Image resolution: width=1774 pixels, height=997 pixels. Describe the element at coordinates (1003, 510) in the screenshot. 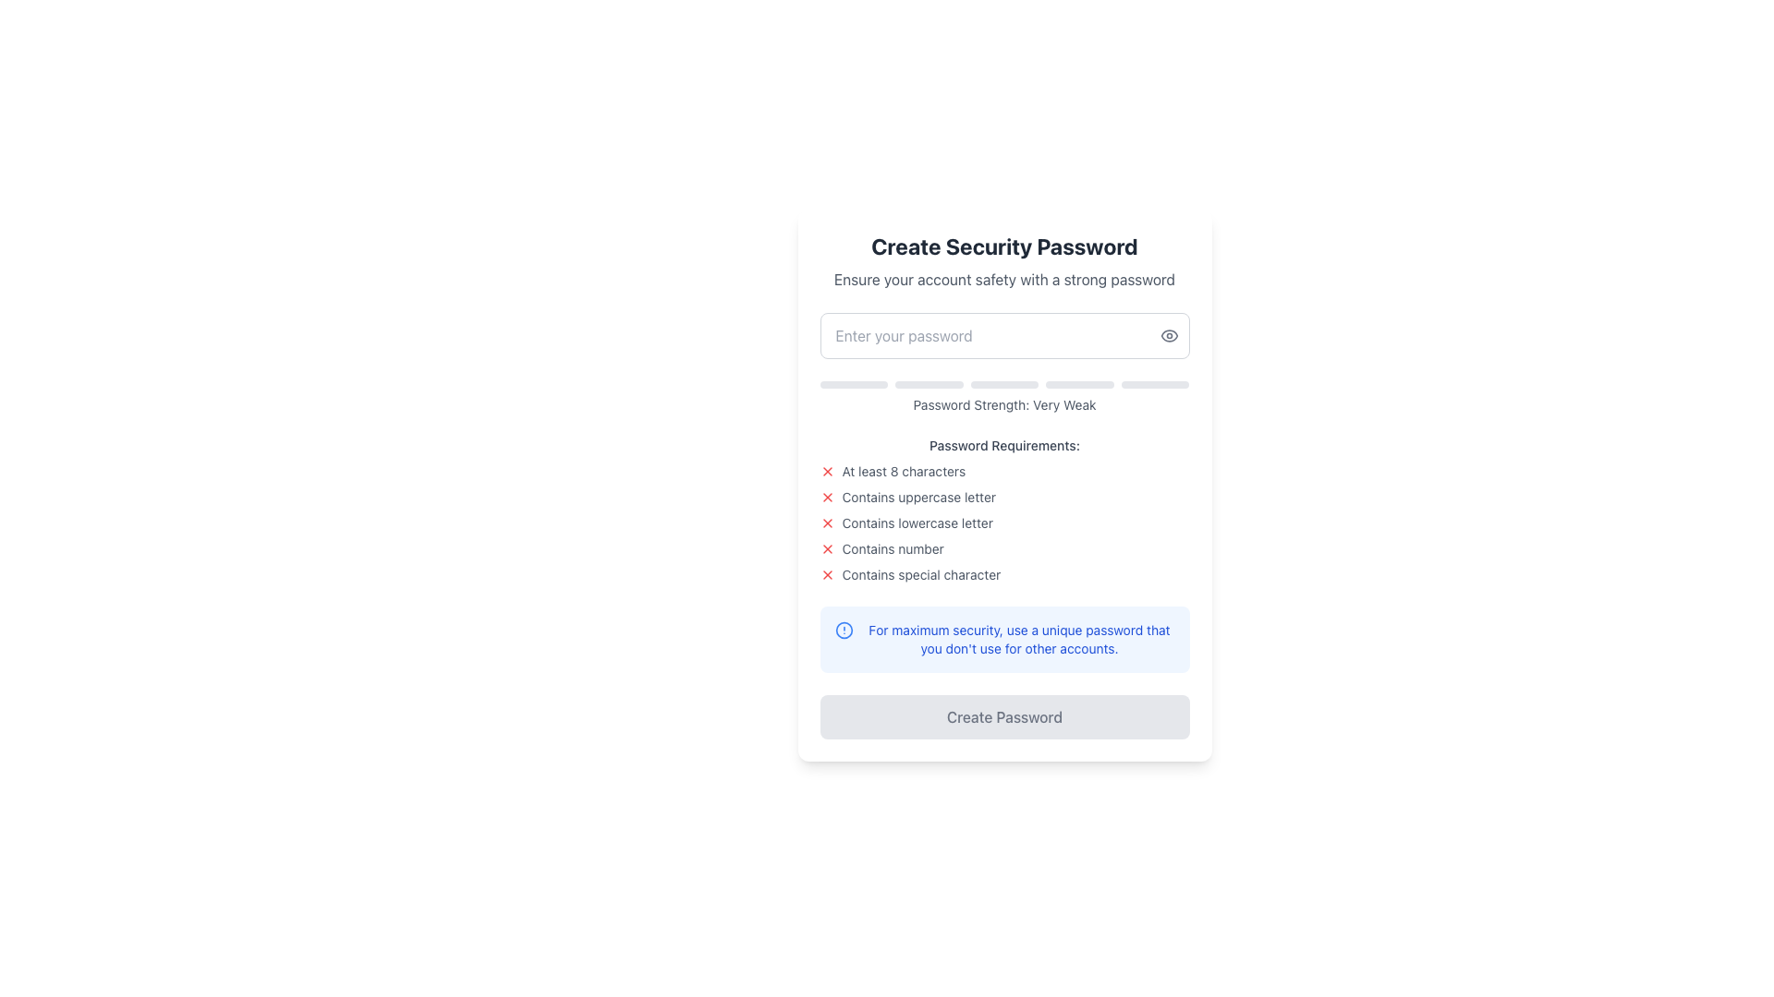

I see `text content of the checklist below the 'Password Strength: Very Weak' label, which provides feedback on password requirements` at that location.